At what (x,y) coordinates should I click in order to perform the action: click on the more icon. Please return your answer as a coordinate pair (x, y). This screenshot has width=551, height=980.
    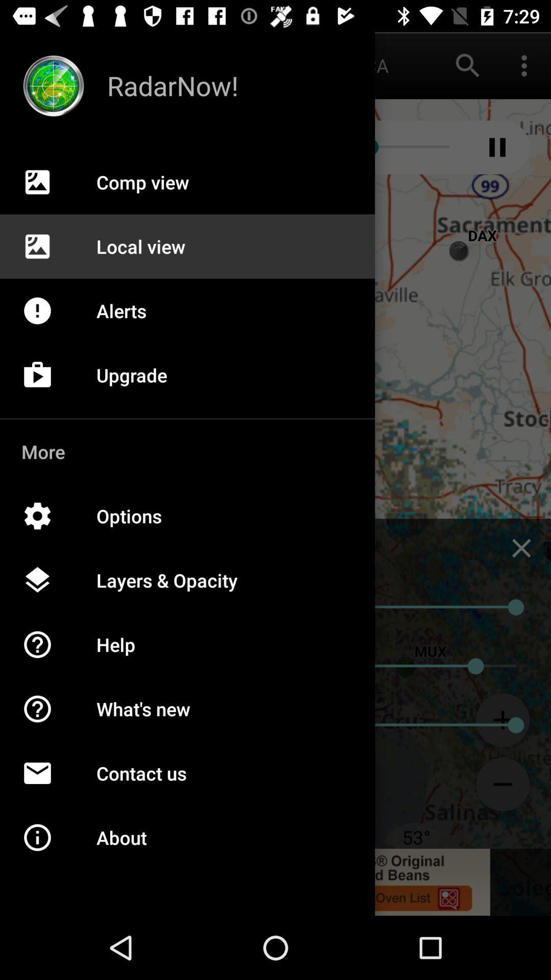
    Looking at the image, I should click on (524, 65).